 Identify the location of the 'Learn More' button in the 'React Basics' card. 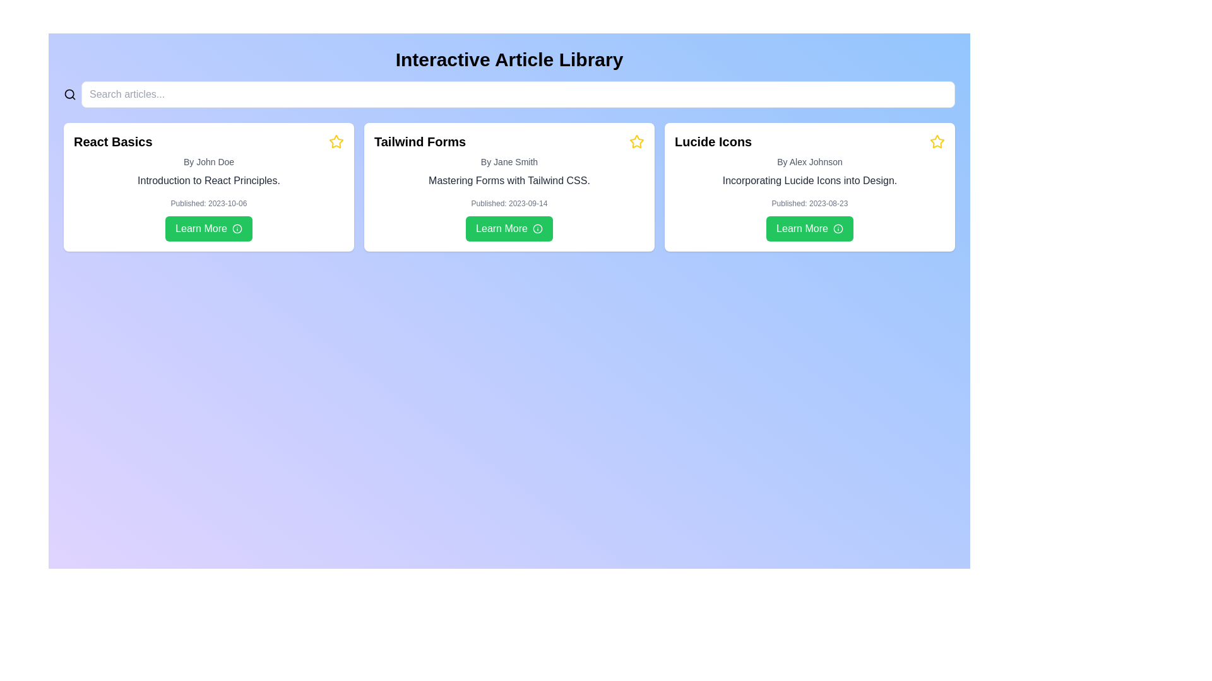
(209, 228).